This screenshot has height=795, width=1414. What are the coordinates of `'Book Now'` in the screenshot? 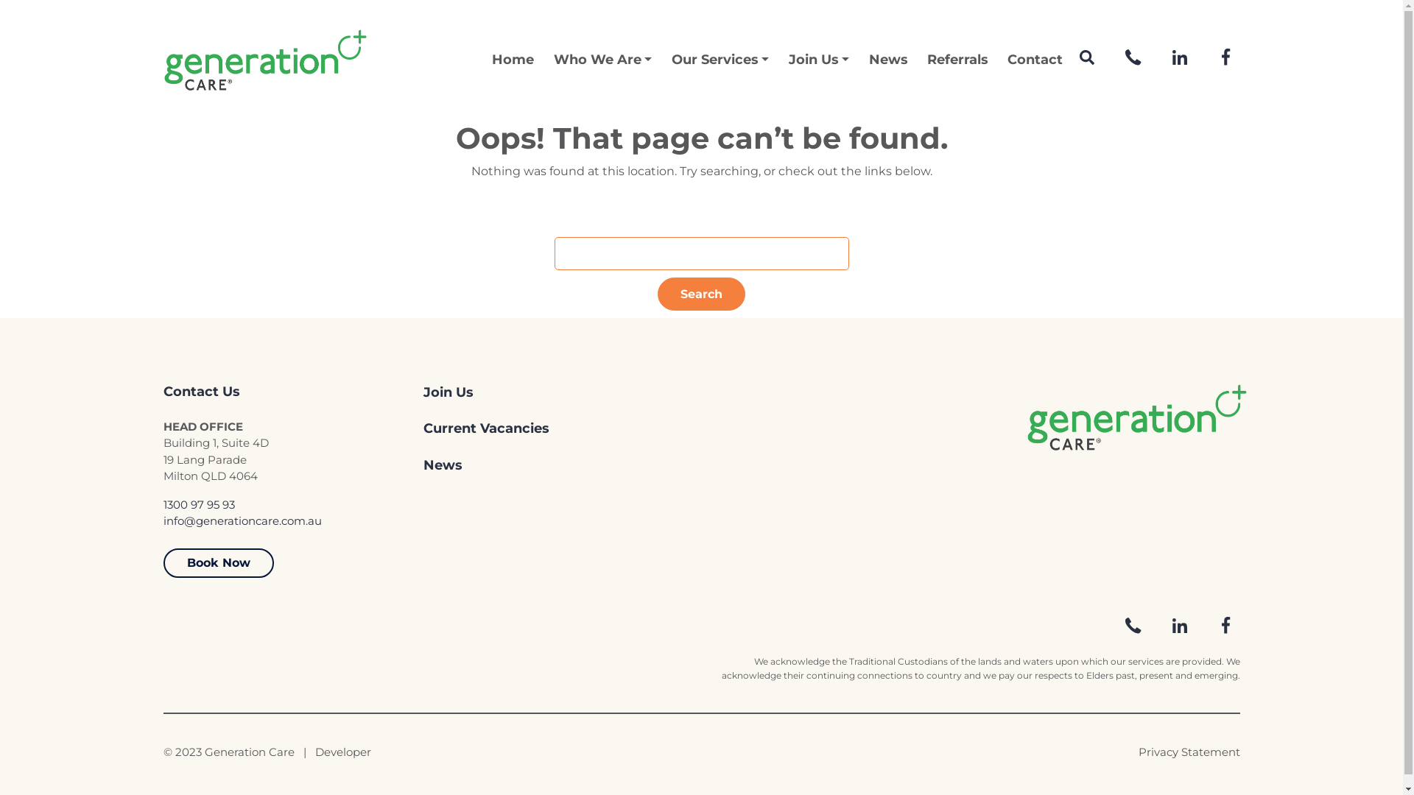 It's located at (218, 562).